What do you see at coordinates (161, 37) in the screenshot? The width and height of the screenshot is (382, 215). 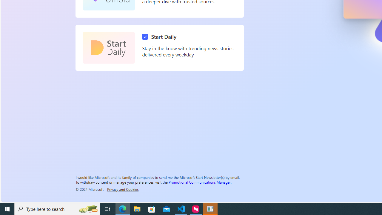 I see `'Start Daily'` at bounding box center [161, 37].